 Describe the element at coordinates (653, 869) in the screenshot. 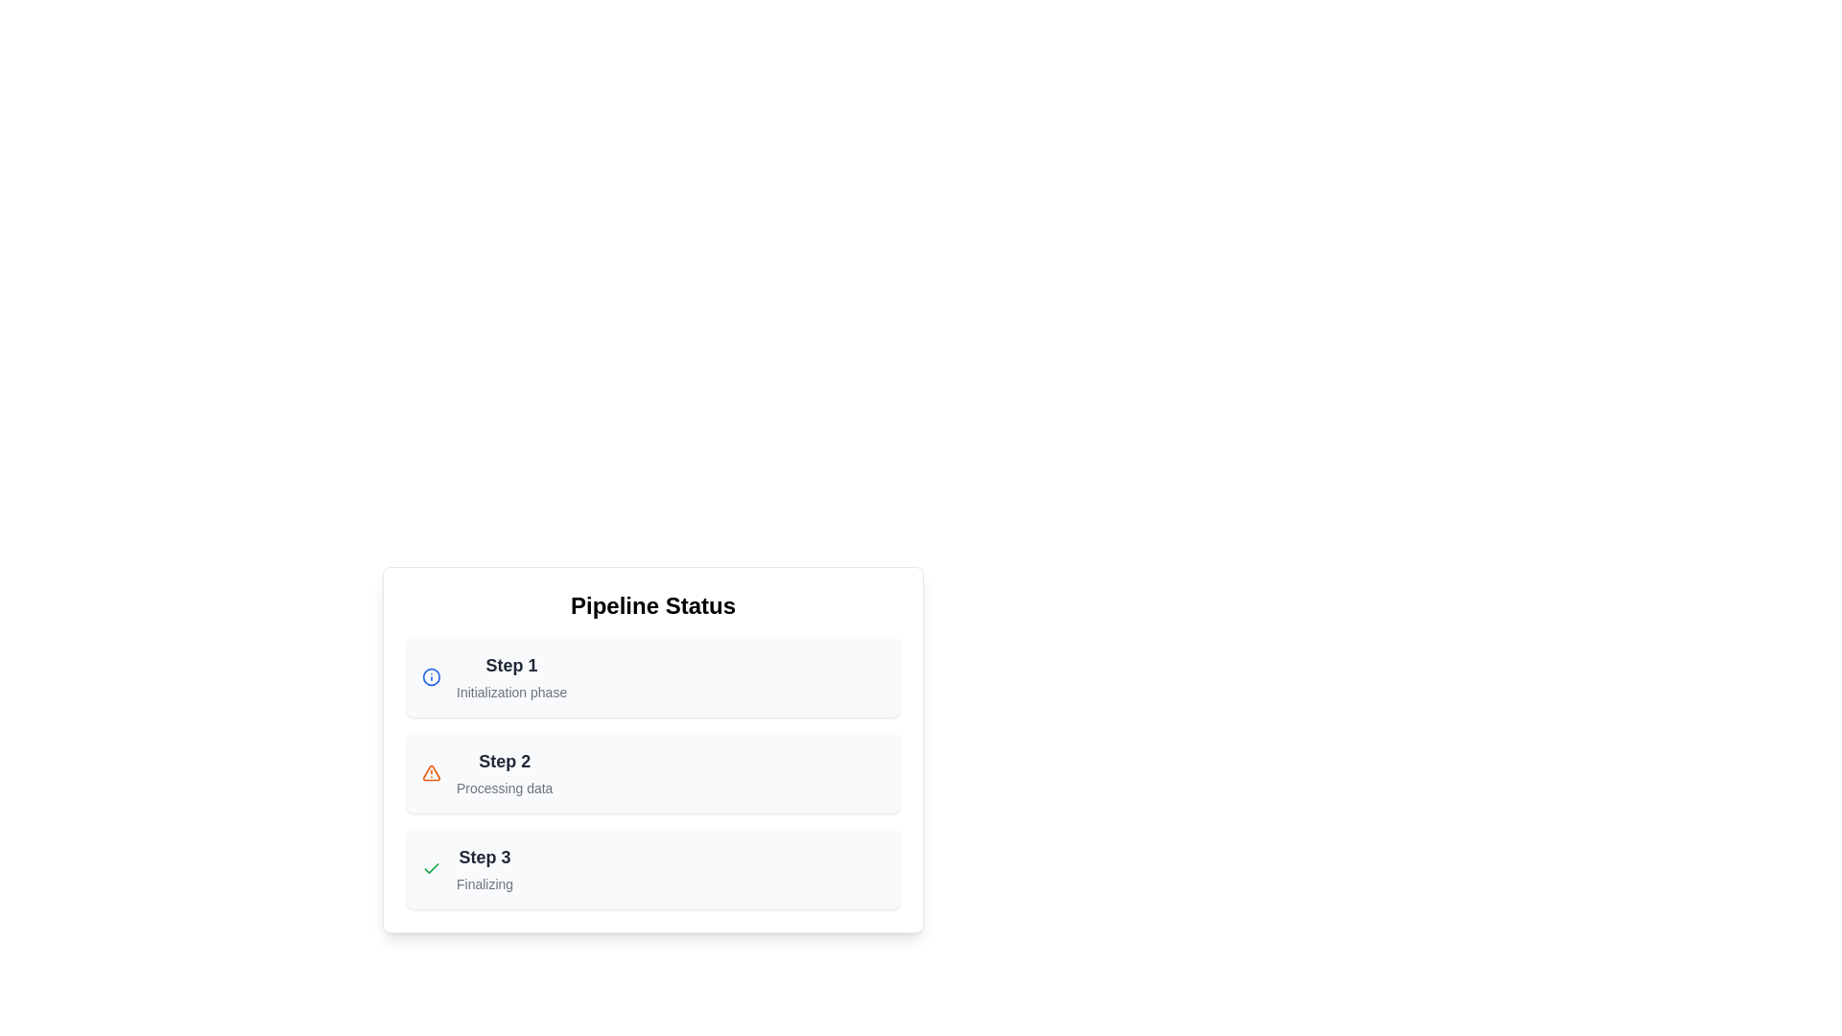

I see `the informational section displaying 'Step 3' with the description 'Finalizing', located at the bottom of the three-segment vertical list` at that location.